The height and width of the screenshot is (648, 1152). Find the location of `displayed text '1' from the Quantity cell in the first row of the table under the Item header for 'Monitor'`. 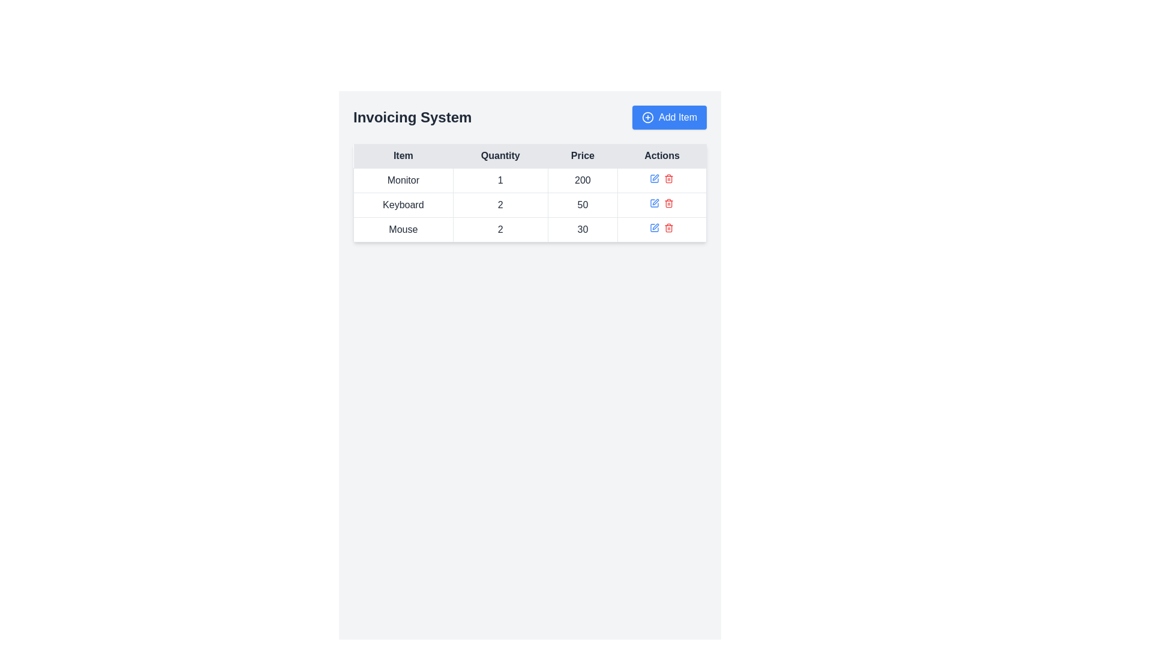

displayed text '1' from the Quantity cell in the first row of the table under the Item header for 'Monitor' is located at coordinates (500, 180).